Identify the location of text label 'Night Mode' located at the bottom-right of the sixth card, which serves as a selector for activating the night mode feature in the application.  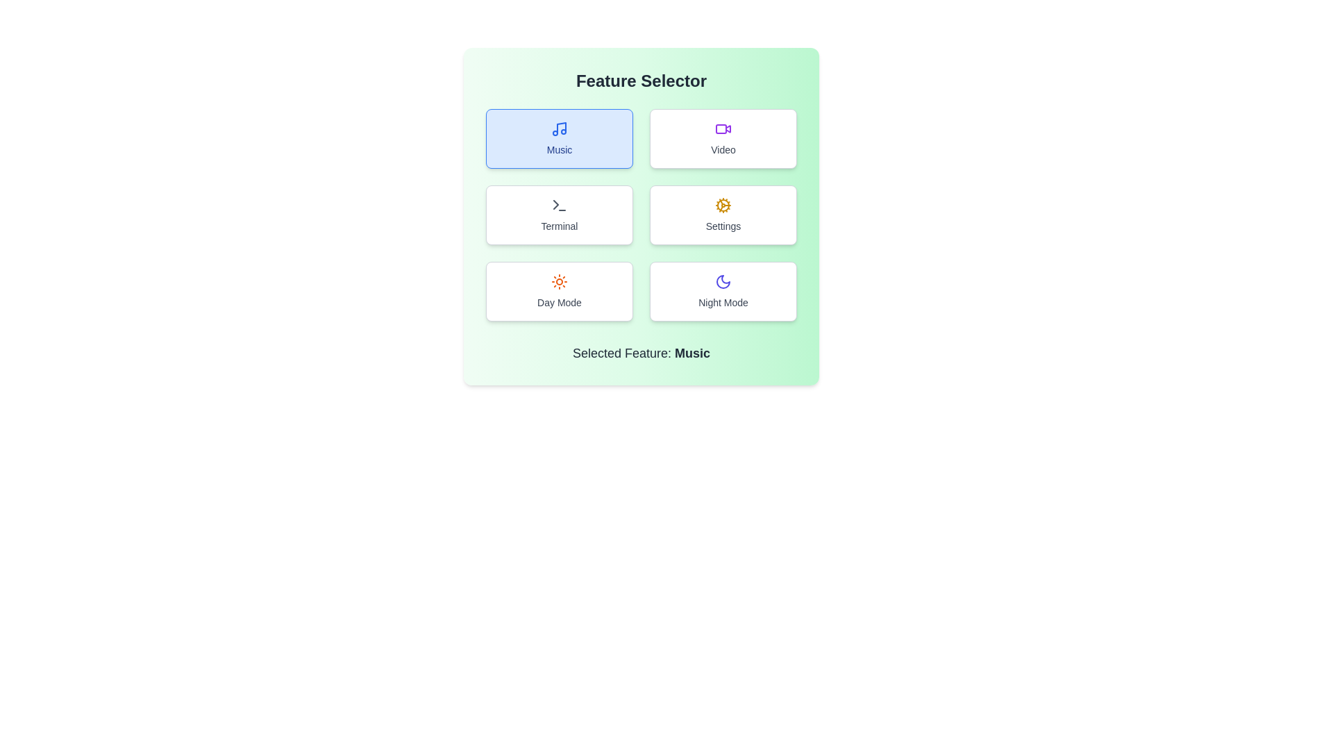
(722, 301).